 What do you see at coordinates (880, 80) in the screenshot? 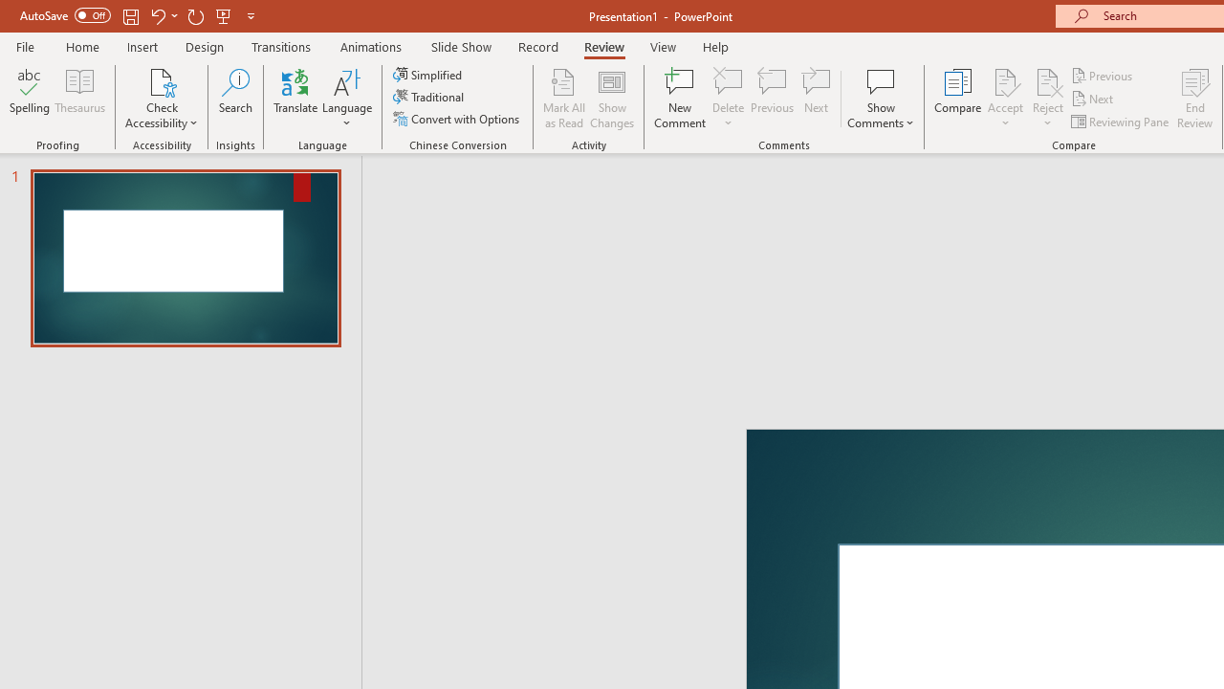
I see `'Show Comments'` at bounding box center [880, 80].